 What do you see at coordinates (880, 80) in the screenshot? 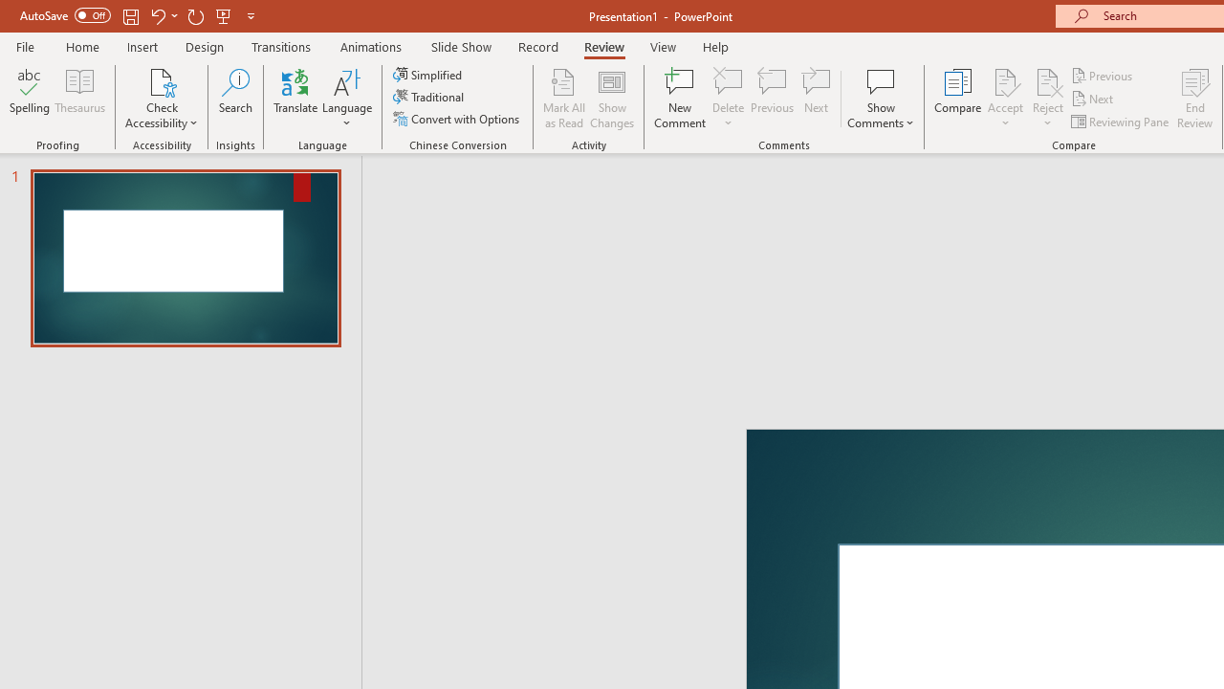
I see `'Show Comments'` at bounding box center [880, 80].